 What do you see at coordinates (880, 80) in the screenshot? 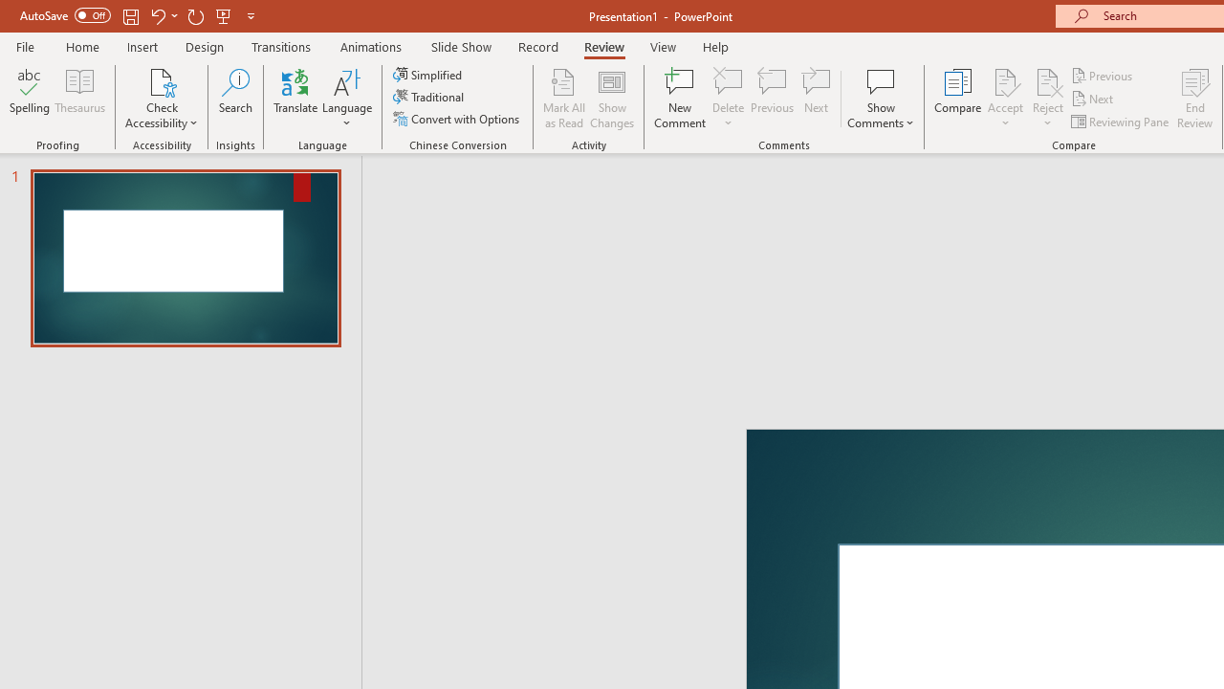
I see `'Show Comments'` at bounding box center [880, 80].